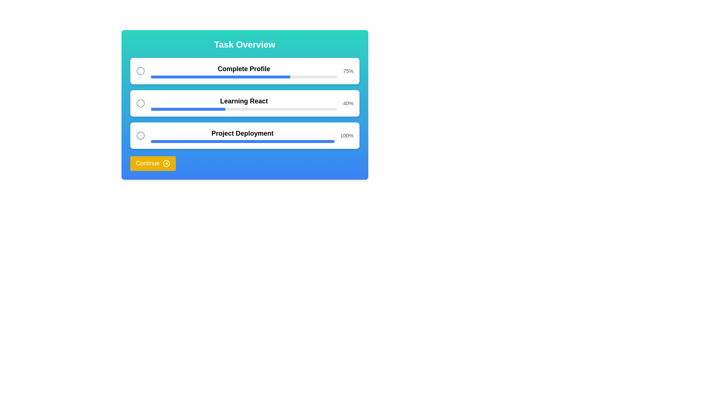  What do you see at coordinates (152, 163) in the screenshot?
I see `the button located at the bottom section of the task overview card` at bounding box center [152, 163].